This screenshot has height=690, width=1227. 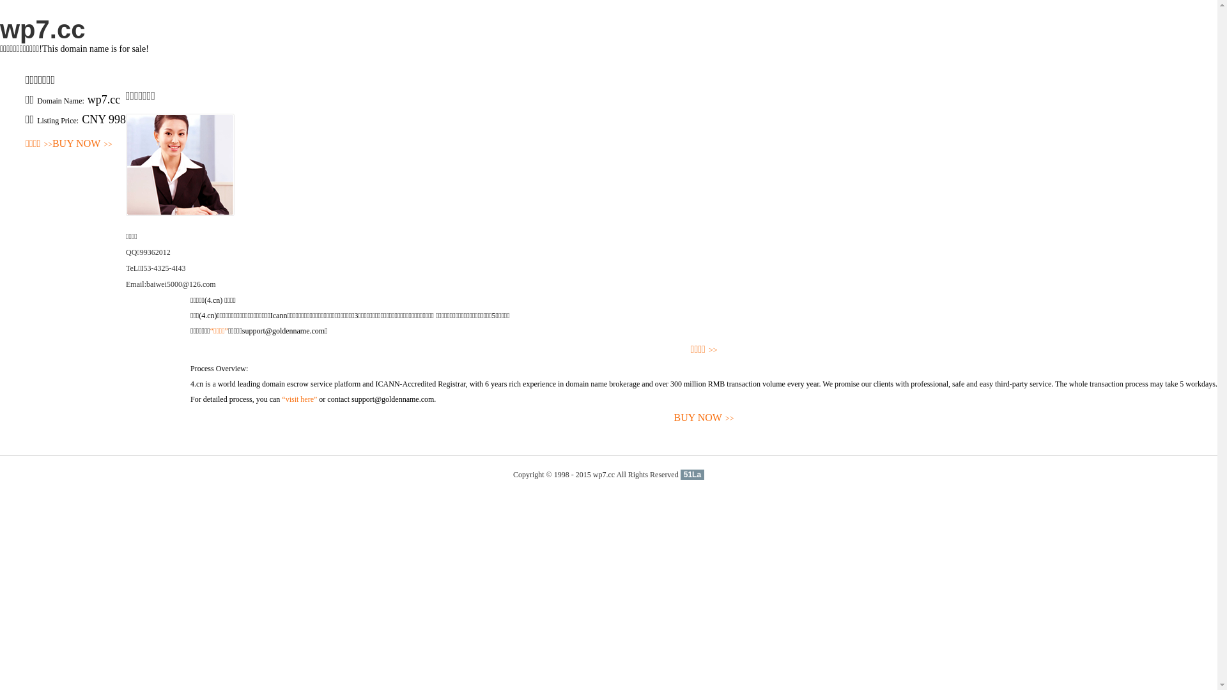 I want to click on 'BUY NOW>>', so click(x=703, y=418).